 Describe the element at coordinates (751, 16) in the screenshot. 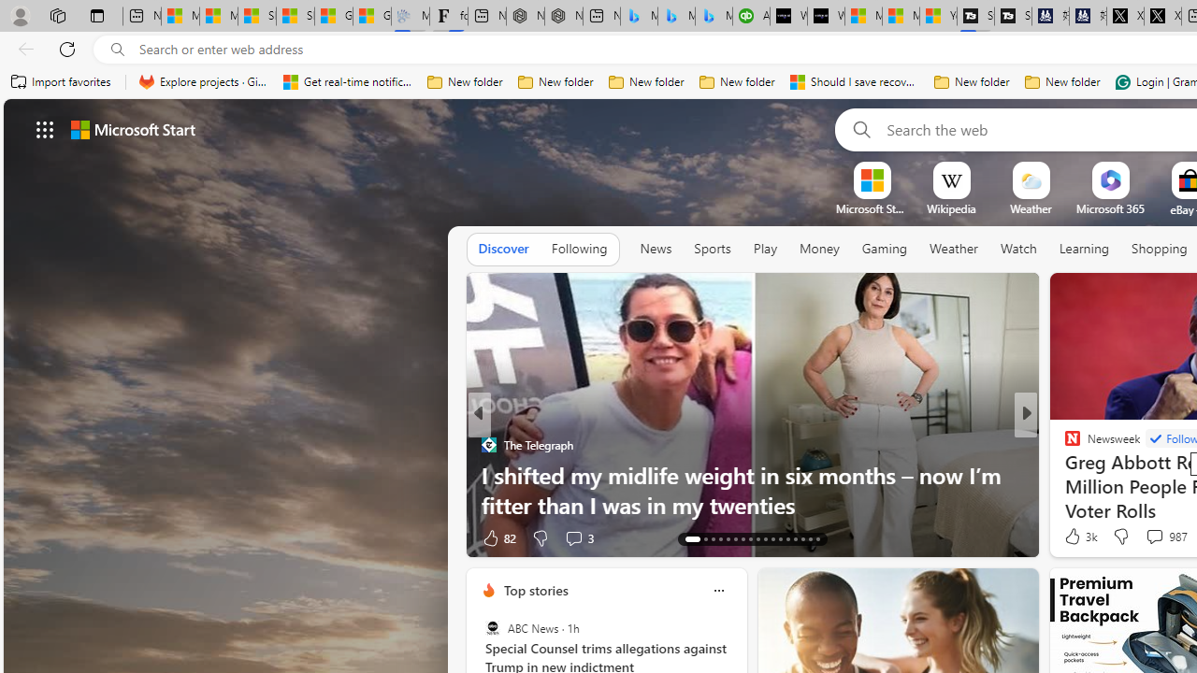

I see `'Accounting Software for Accountants, CPAs and Bookkeepers'` at that location.